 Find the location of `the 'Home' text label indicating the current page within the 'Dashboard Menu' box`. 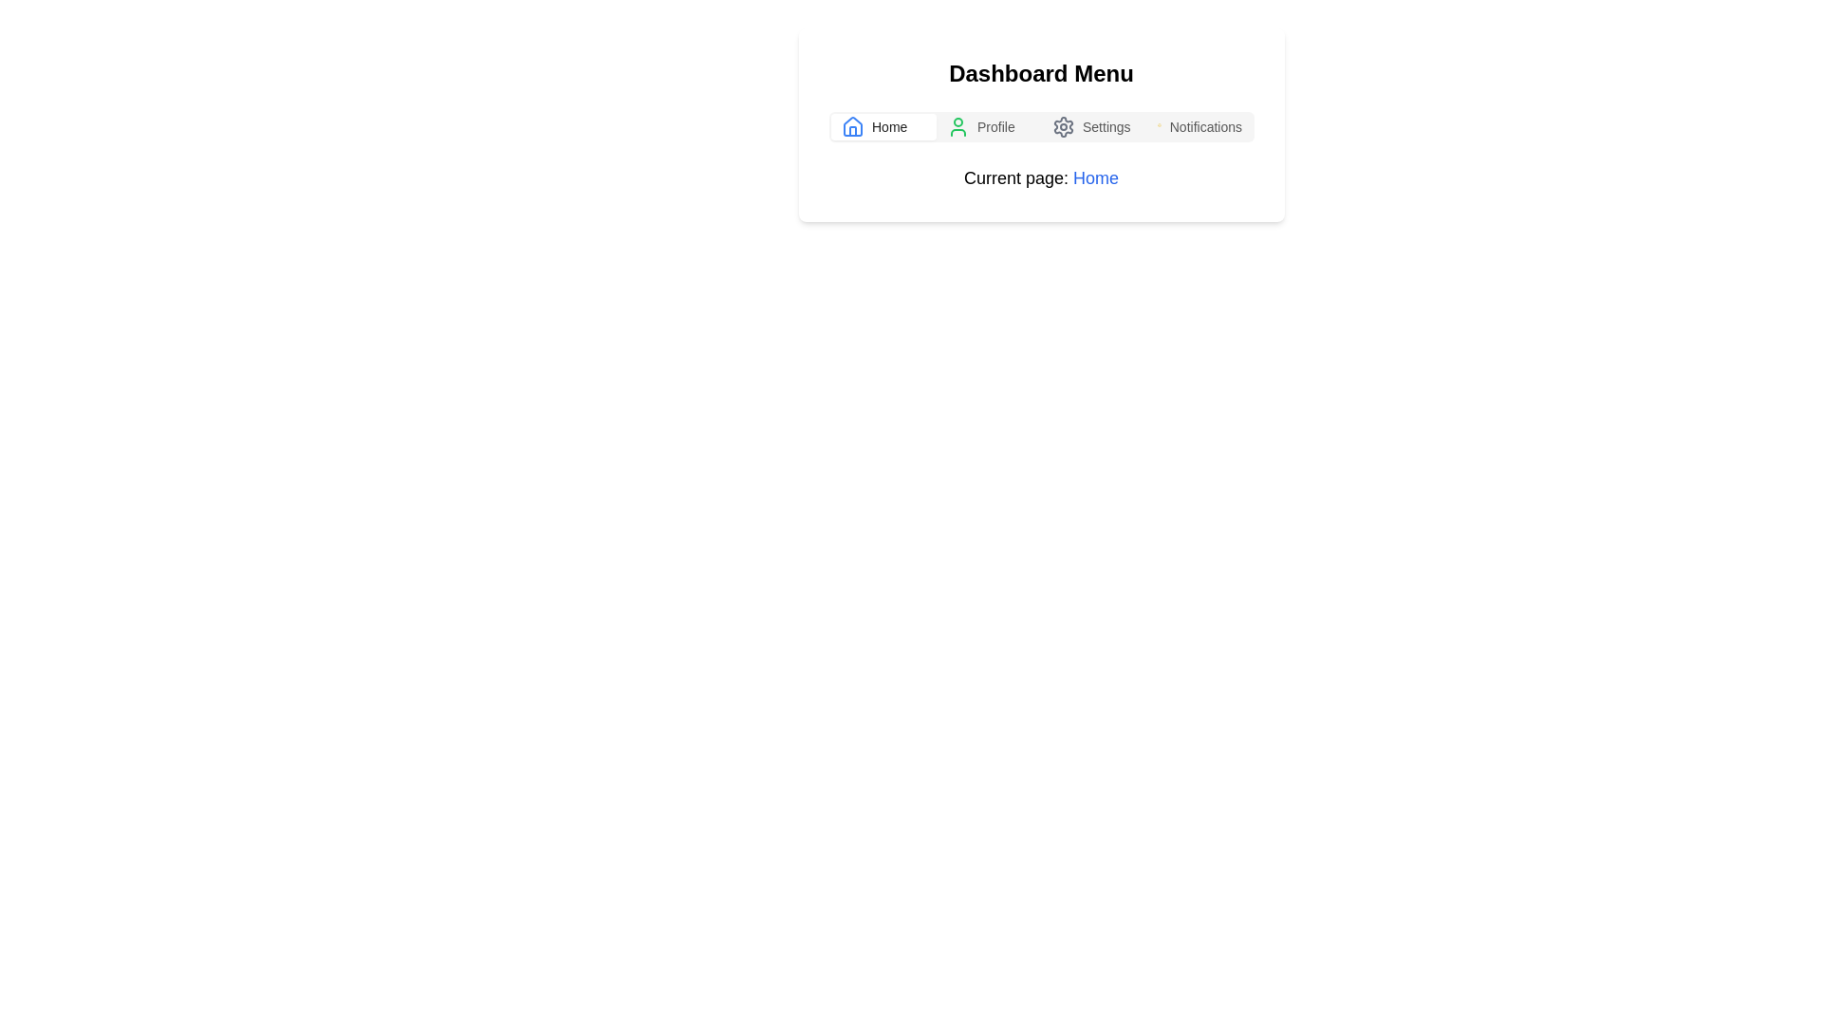

the 'Home' text label indicating the current page within the 'Dashboard Menu' box is located at coordinates (1096, 178).